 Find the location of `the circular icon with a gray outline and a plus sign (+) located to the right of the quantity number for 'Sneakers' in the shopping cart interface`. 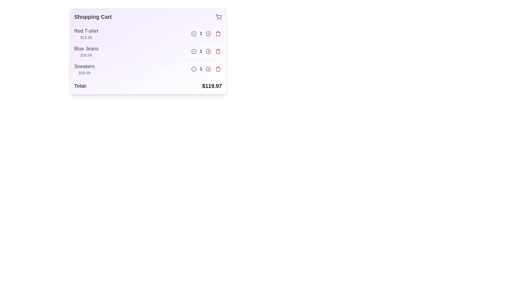

the circular icon with a gray outline and a plus sign (+) located to the right of the quantity number for 'Sneakers' in the shopping cart interface is located at coordinates (208, 69).